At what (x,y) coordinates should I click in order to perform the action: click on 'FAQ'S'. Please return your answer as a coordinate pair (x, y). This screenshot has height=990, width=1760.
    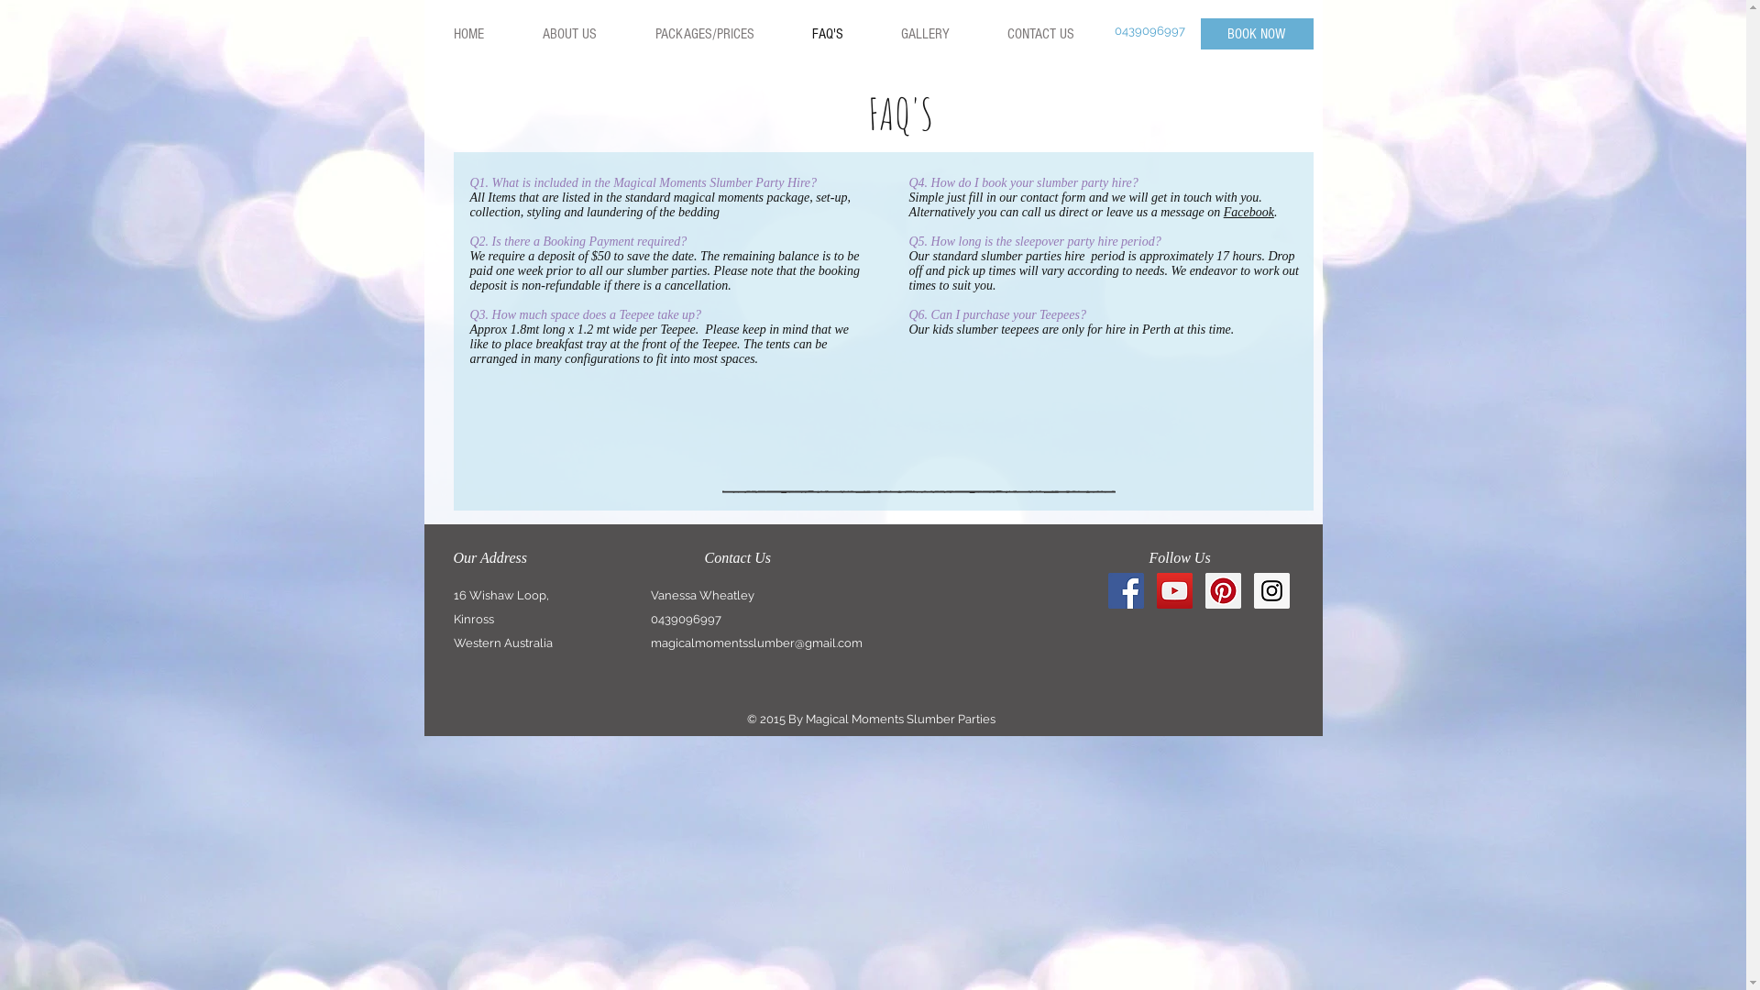
    Looking at the image, I should click on (826, 34).